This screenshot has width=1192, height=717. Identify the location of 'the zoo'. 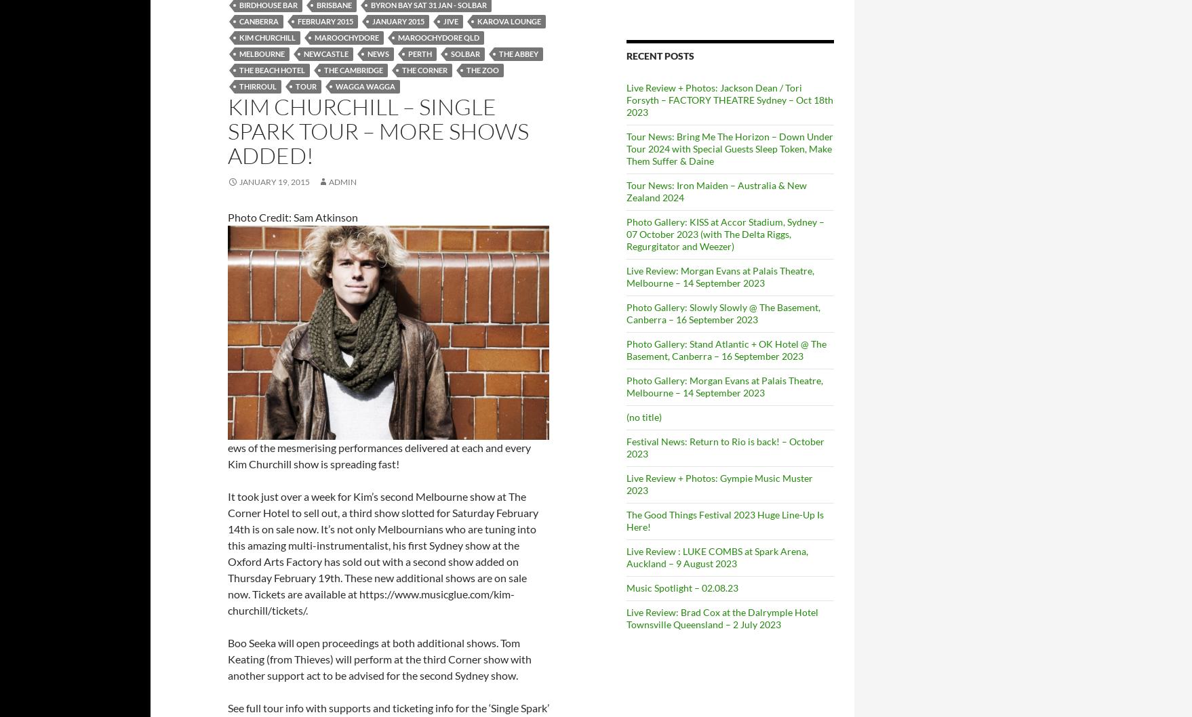
(482, 69).